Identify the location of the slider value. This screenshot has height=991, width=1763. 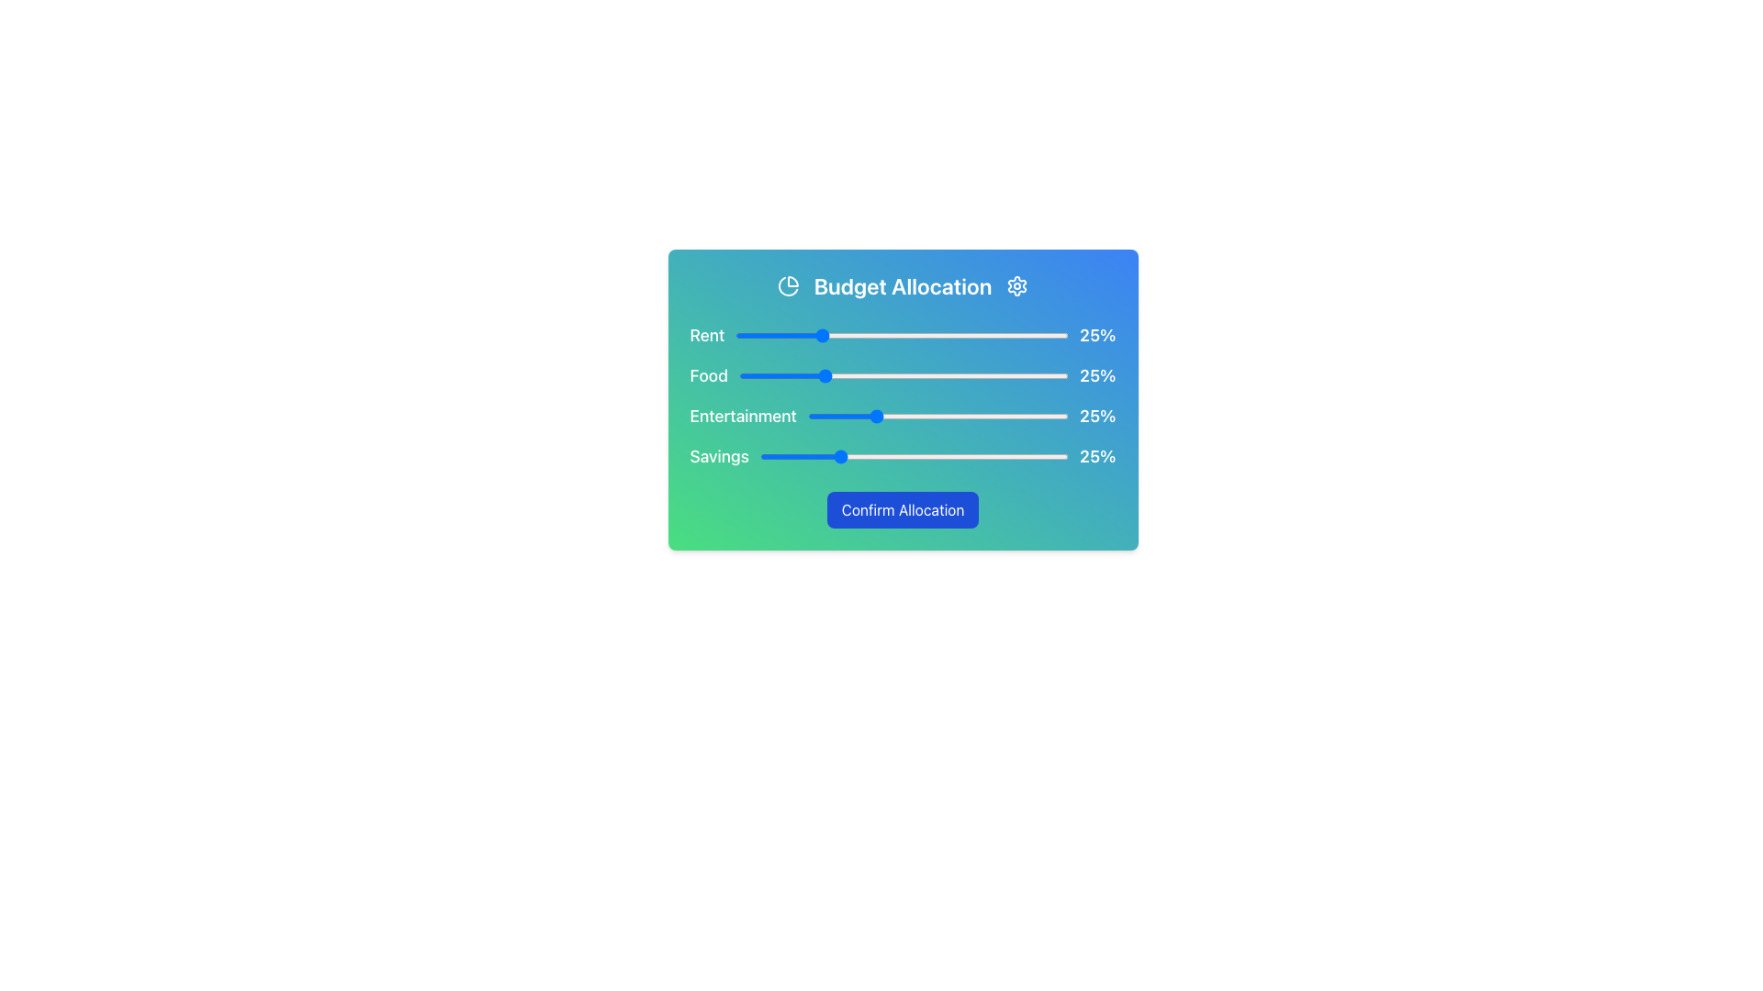
(905, 336).